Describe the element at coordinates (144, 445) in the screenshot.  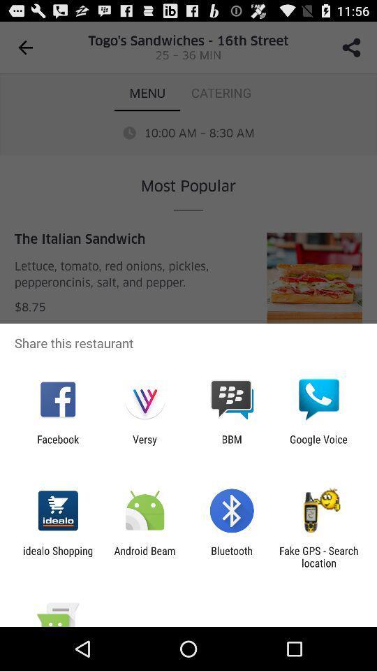
I see `the item to the left of the bbm` at that location.